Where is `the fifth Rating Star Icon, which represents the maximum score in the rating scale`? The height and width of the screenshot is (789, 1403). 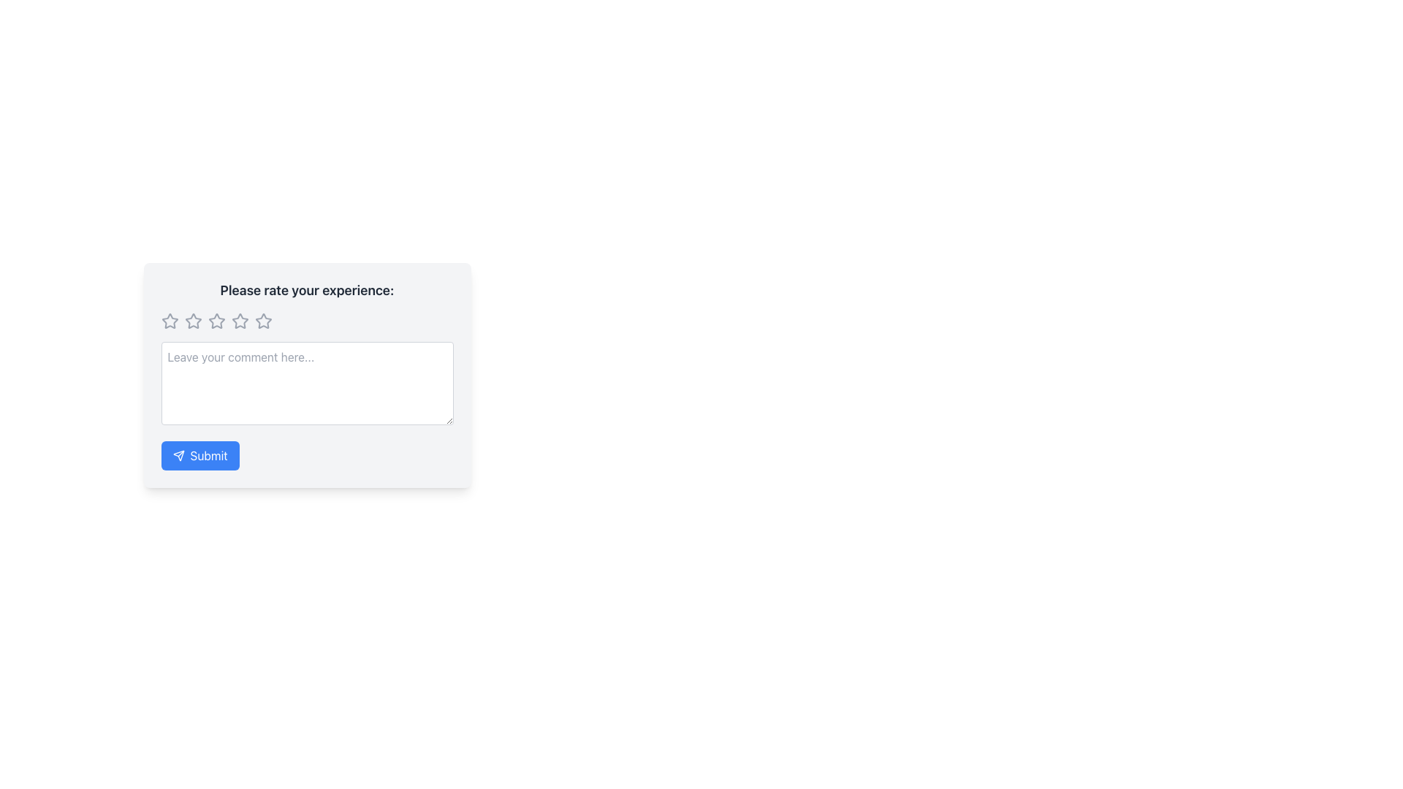 the fifth Rating Star Icon, which represents the maximum score in the rating scale is located at coordinates (263, 320).